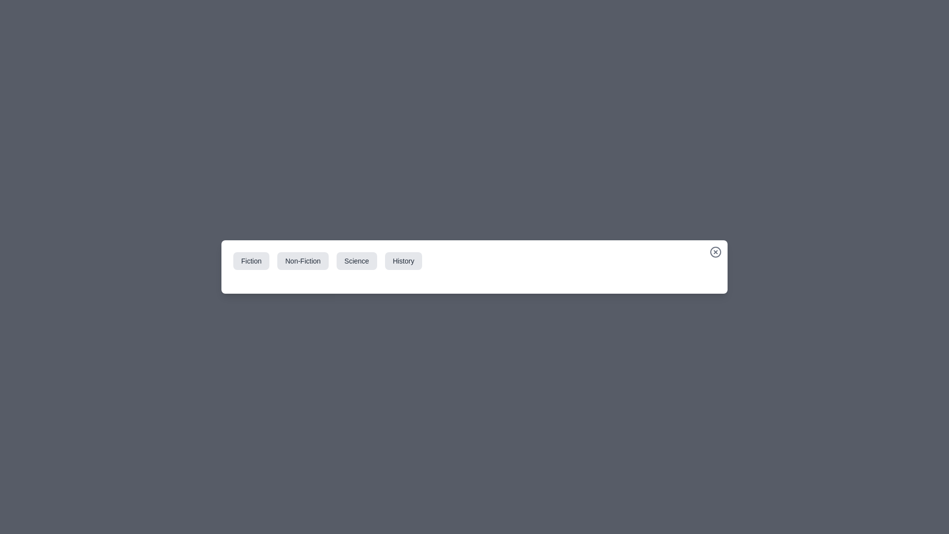  Describe the element at coordinates (403, 261) in the screenshot. I see `the category tab labeled History` at that location.